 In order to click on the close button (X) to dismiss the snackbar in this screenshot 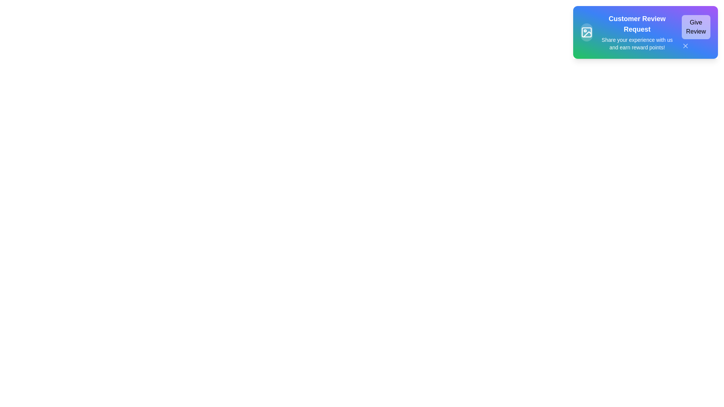, I will do `click(685, 46)`.